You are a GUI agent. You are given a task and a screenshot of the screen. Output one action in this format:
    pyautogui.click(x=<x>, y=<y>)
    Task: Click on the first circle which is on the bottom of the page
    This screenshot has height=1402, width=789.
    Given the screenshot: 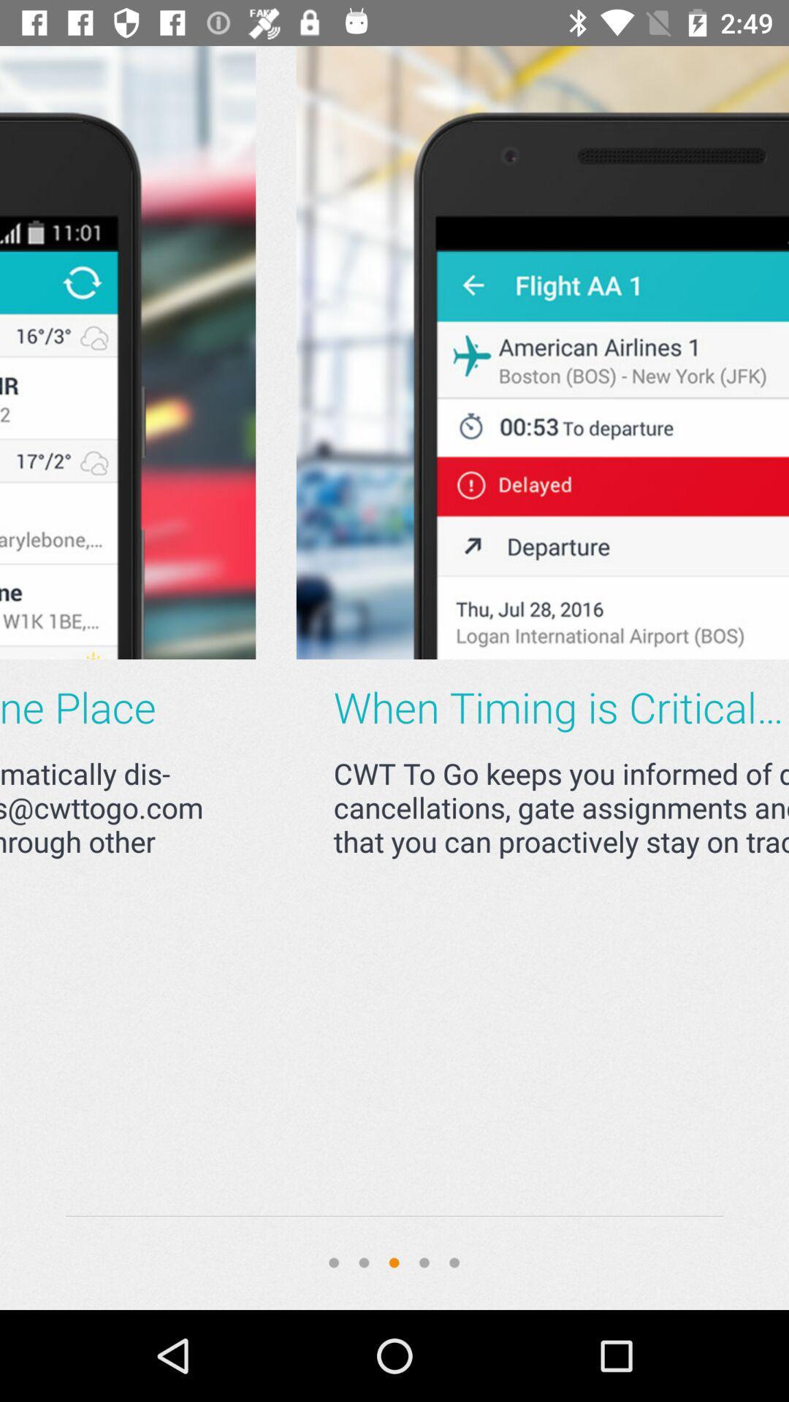 What is the action you would take?
    pyautogui.click(x=333, y=1261)
    